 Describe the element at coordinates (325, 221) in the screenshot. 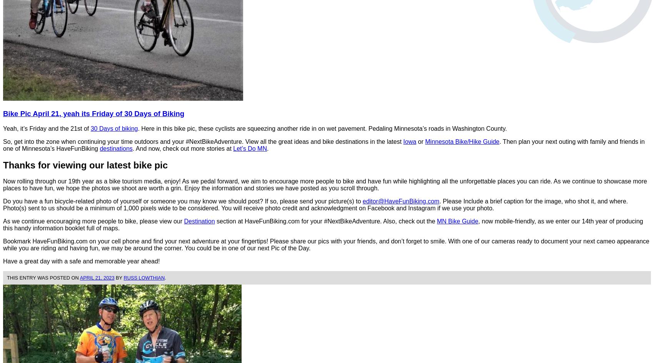

I see `'section at HaveFunBiking.com for your #NextBikeAdventure. Also, check out the'` at that location.